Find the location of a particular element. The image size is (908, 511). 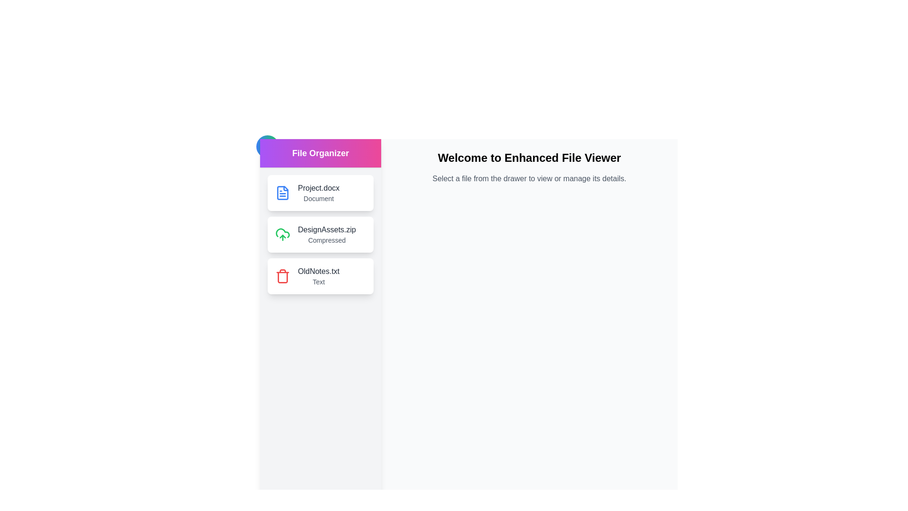

the file Project.docx from the list is located at coordinates (320, 193).